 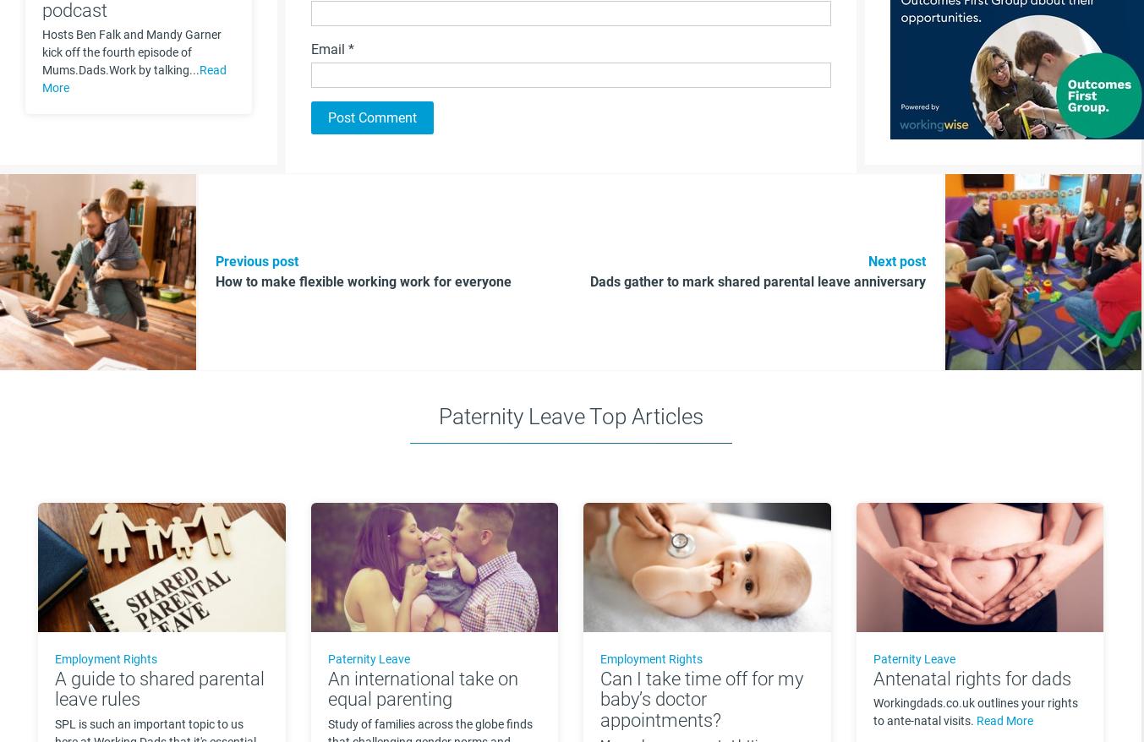 What do you see at coordinates (216, 261) in the screenshot?
I see `'Previous post'` at bounding box center [216, 261].